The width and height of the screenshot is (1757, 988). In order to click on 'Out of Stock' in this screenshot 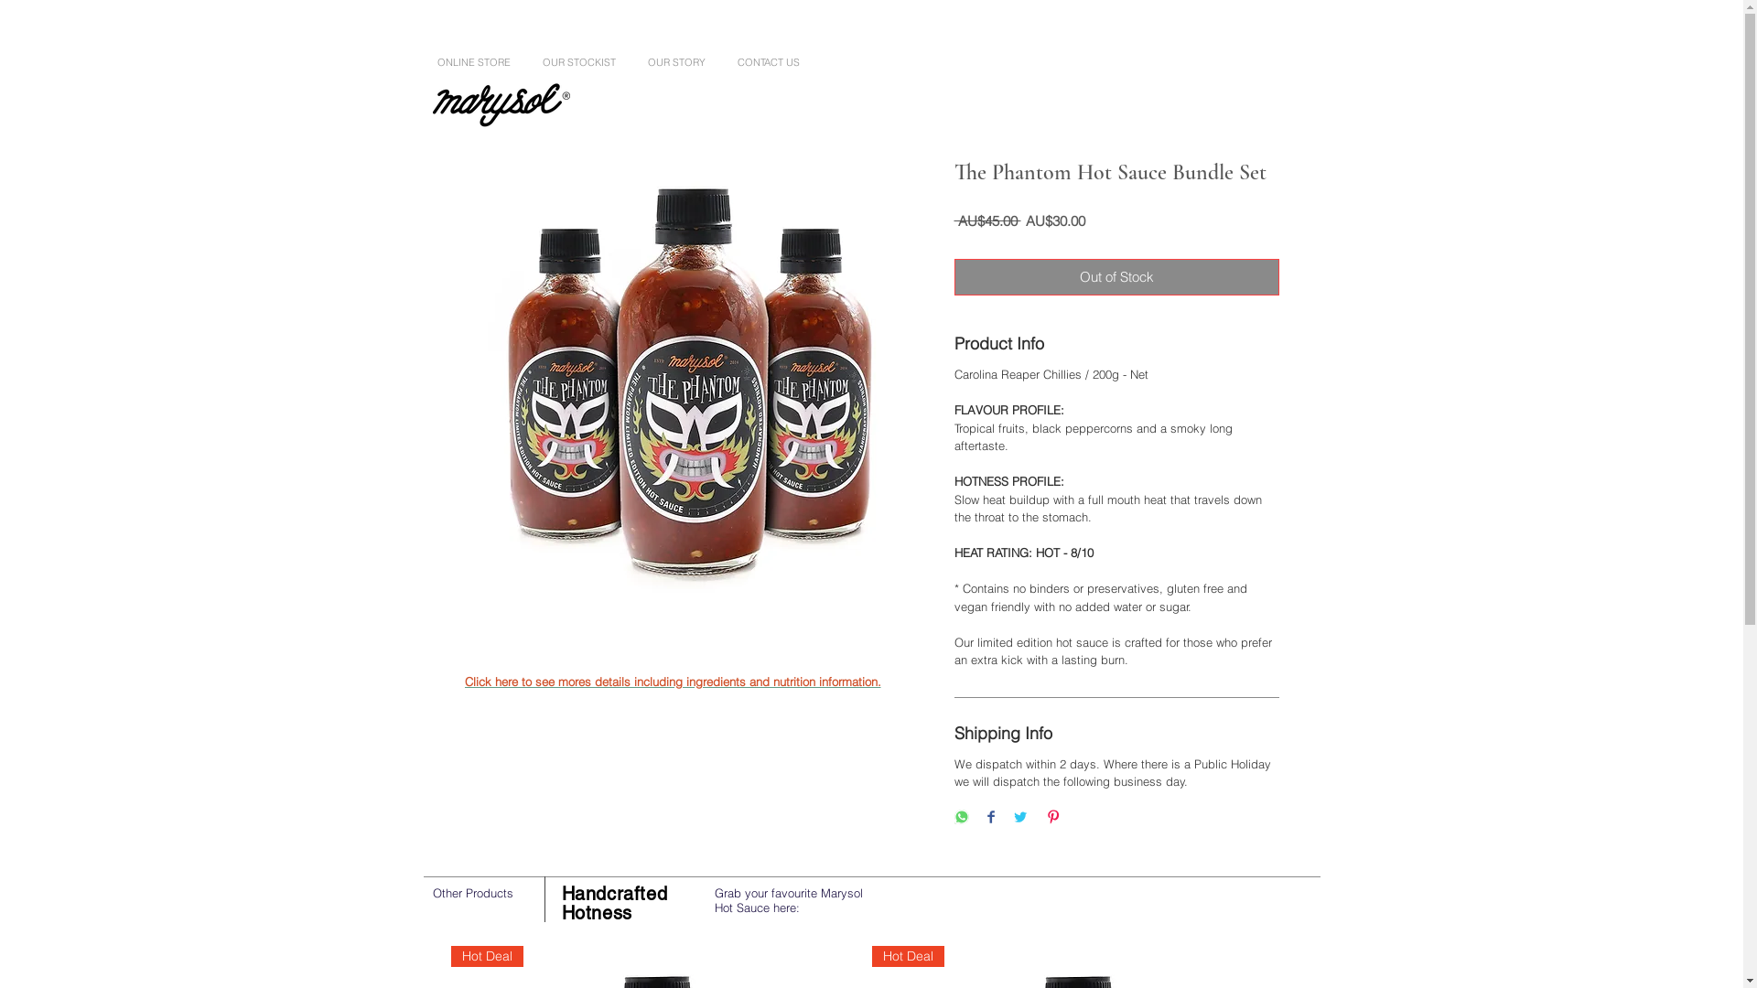, I will do `click(1115, 277)`.